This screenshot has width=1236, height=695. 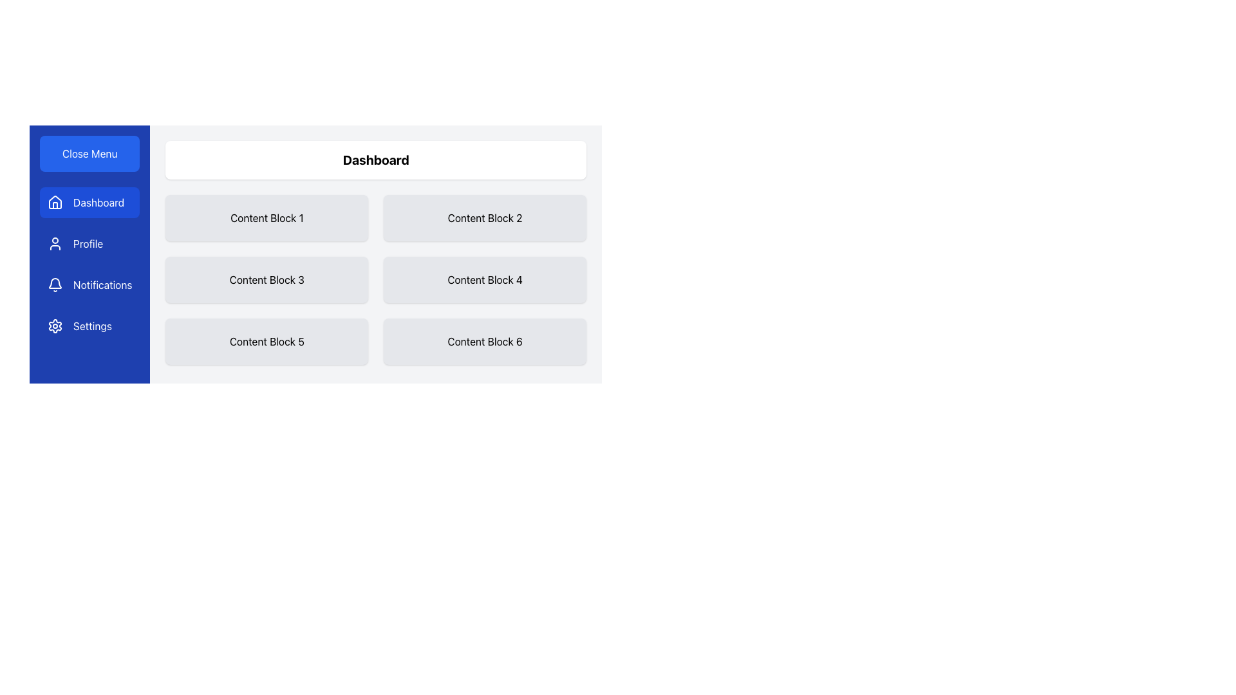 I want to click on the gear icon that serves as a visual indicator for the 'Settings' menu option located in the left sidebar navigation panel, positioned before the 'Settings' text, so click(x=55, y=325).